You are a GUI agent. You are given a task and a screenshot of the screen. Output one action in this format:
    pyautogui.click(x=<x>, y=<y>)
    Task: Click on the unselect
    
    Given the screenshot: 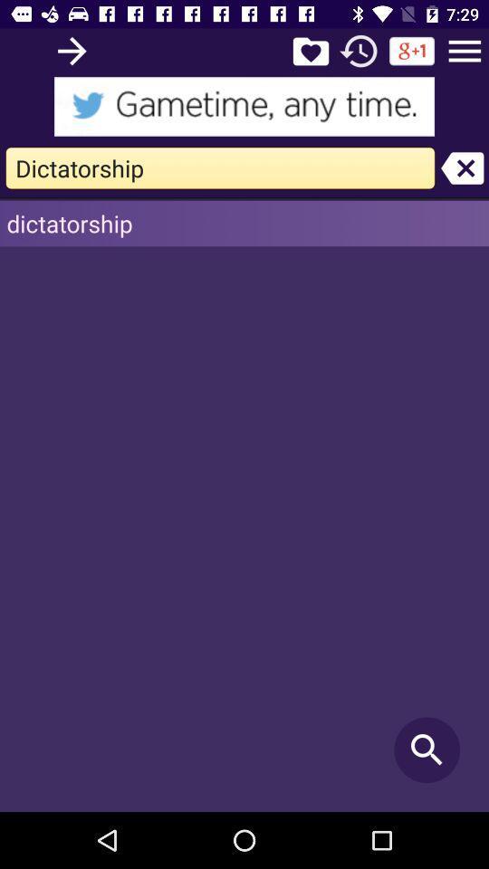 What is the action you would take?
    pyautogui.click(x=462, y=167)
    